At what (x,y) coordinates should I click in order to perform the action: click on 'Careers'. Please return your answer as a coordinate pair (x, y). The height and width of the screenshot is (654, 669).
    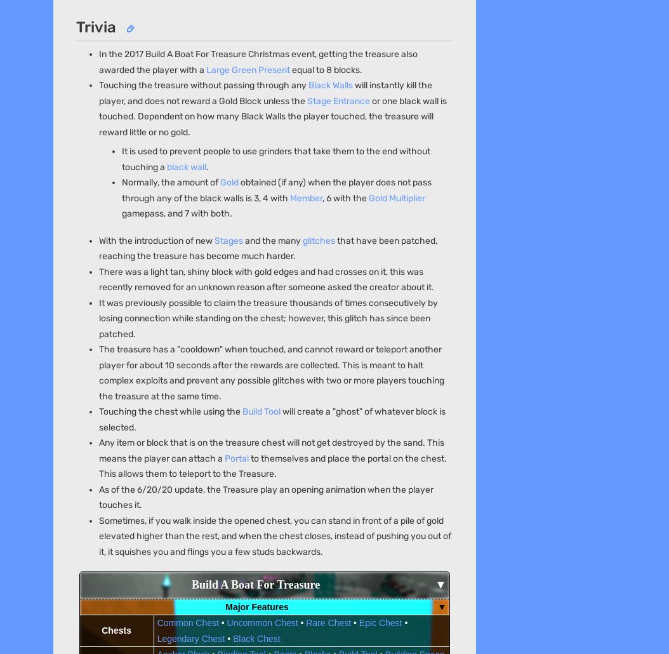
    Looking at the image, I should click on (53, 161).